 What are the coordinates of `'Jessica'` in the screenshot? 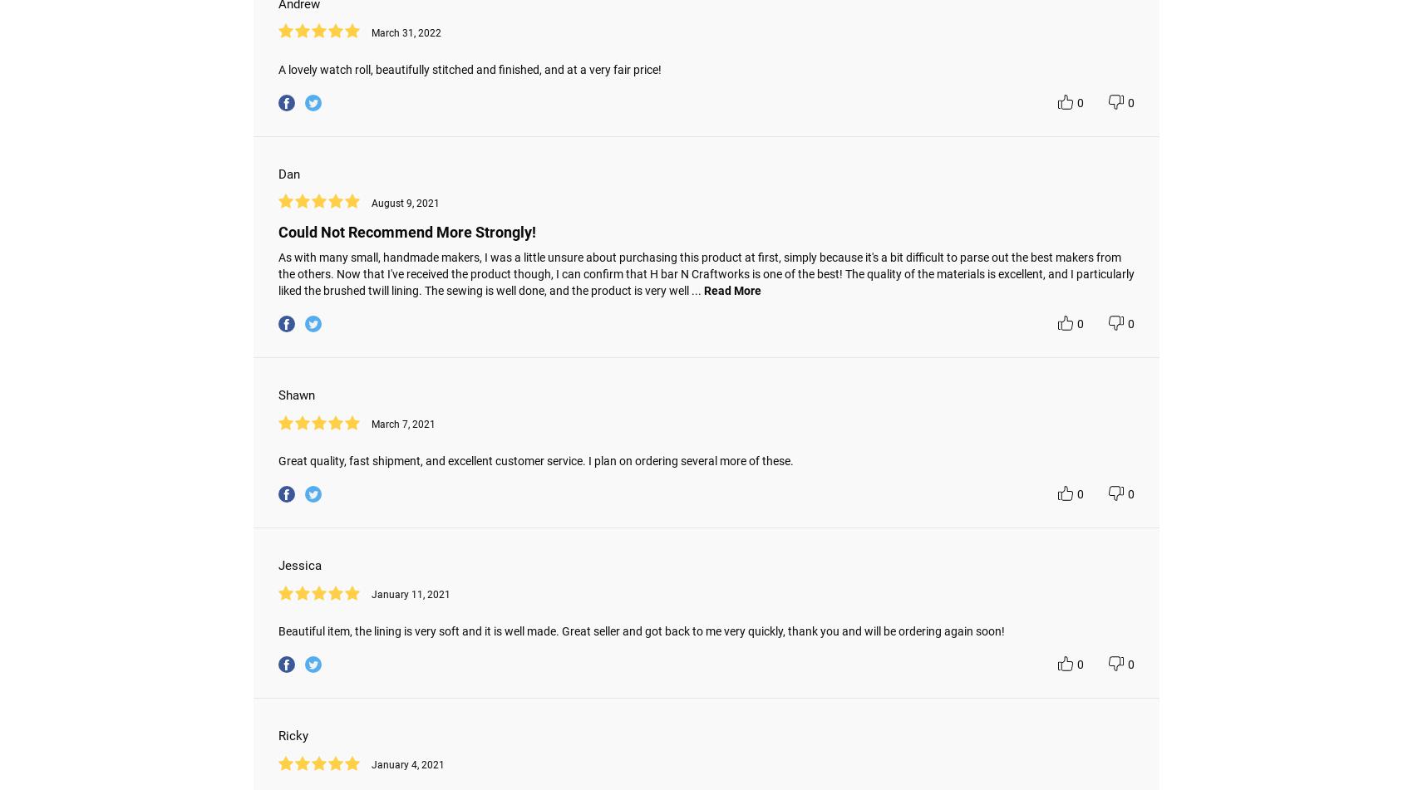 It's located at (299, 565).